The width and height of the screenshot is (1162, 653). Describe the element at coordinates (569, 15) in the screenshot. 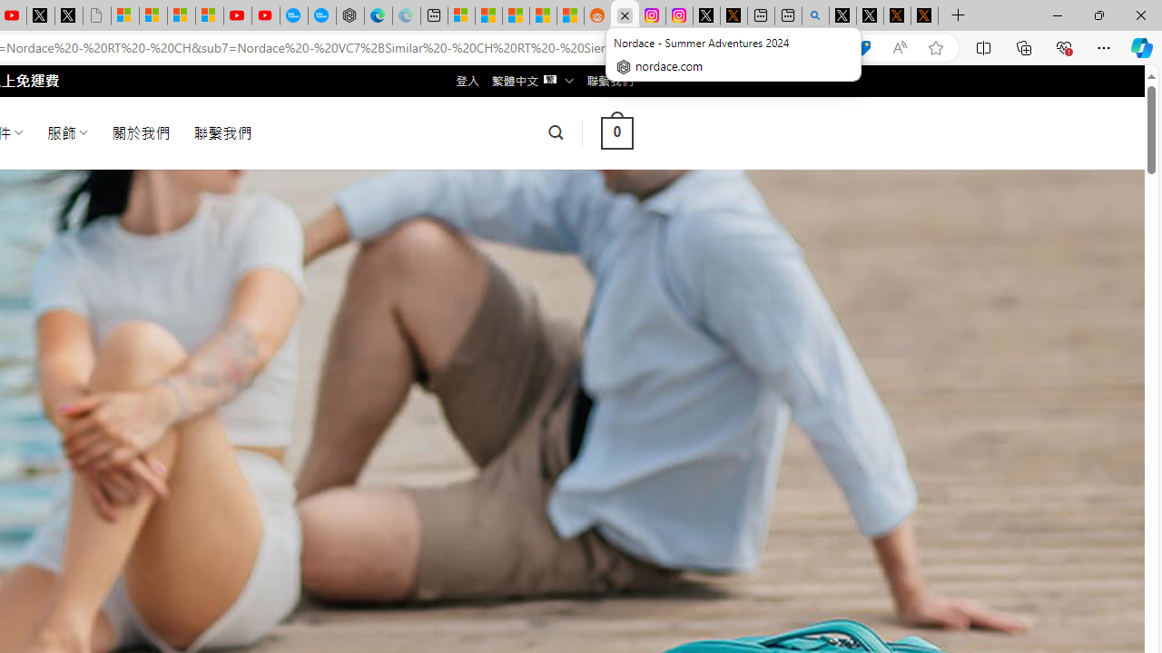

I see `'Shanghai, China Weather trends | Microsoft Weather'` at that location.